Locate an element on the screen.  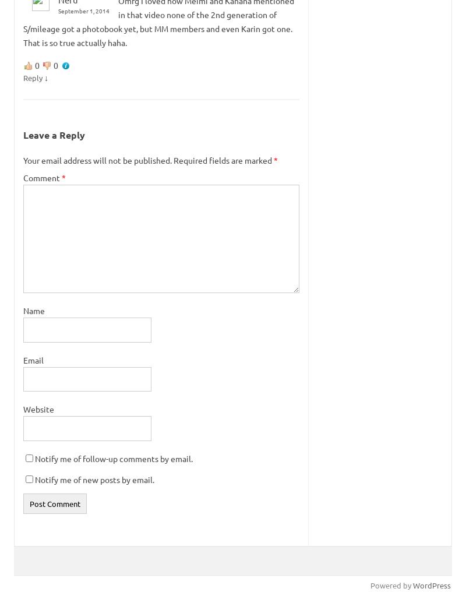
'Name' is located at coordinates (33, 309).